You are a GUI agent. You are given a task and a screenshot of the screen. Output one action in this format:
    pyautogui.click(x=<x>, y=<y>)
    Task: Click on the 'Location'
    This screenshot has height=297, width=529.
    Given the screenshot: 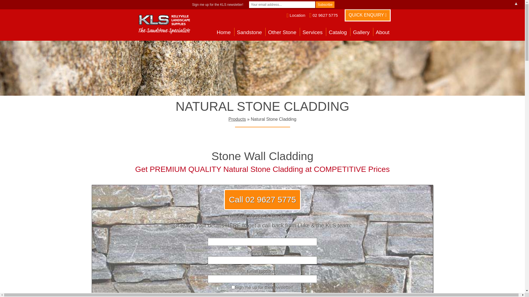 What is the action you would take?
    pyautogui.click(x=296, y=15)
    